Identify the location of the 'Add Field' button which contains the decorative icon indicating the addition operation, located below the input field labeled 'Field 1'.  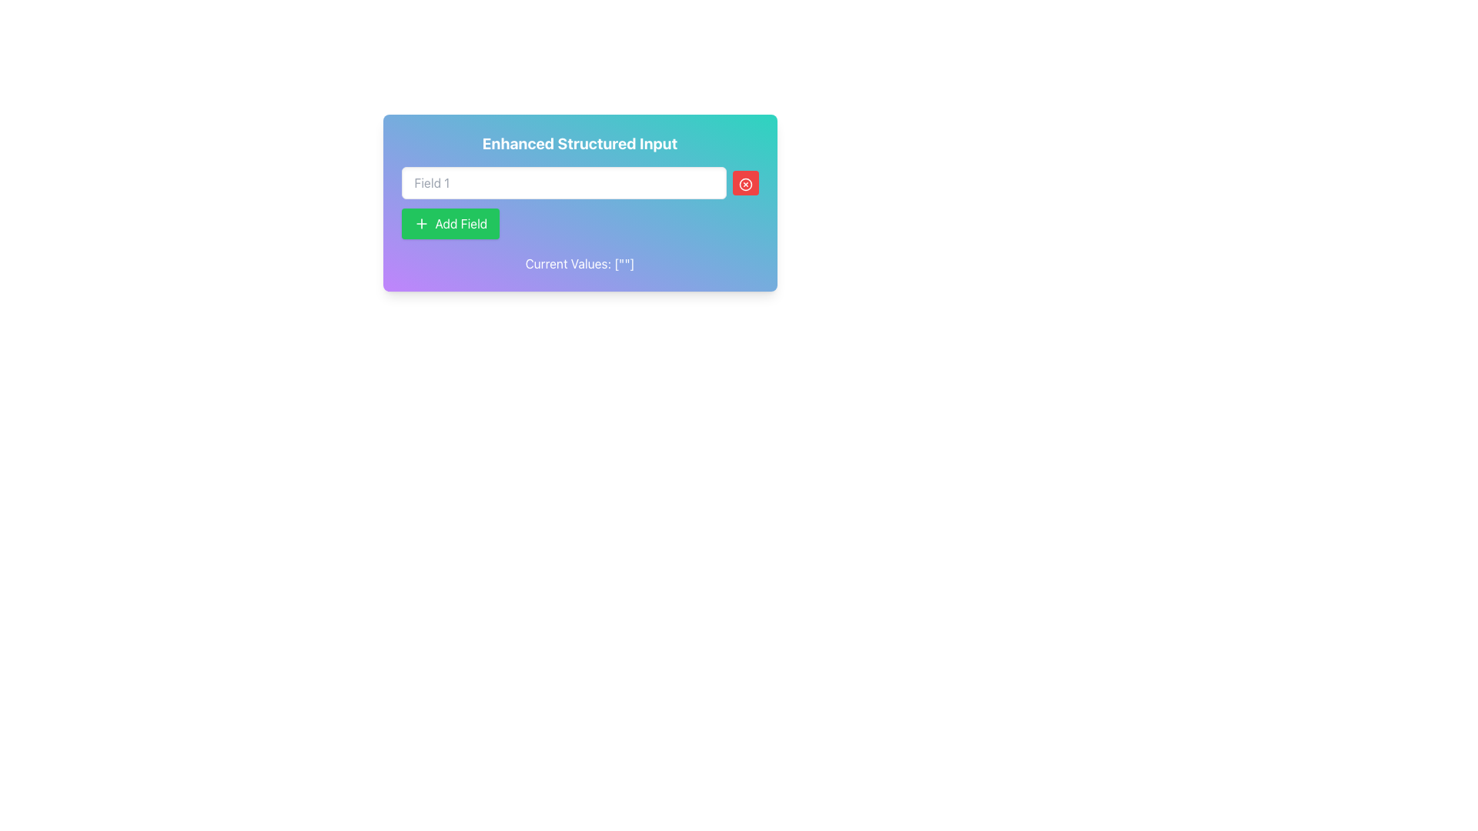
(421, 223).